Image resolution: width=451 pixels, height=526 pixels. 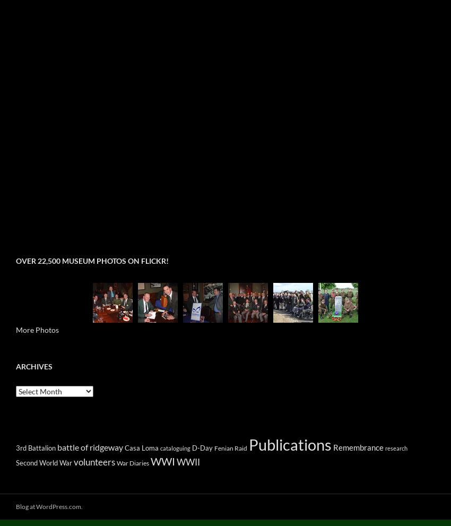 I want to click on 'Publications', so click(x=289, y=444).